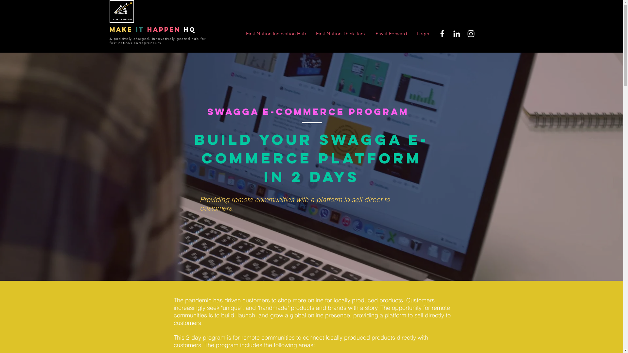 The height and width of the screenshot is (353, 628). What do you see at coordinates (391, 34) in the screenshot?
I see `'Pay it Forward'` at bounding box center [391, 34].